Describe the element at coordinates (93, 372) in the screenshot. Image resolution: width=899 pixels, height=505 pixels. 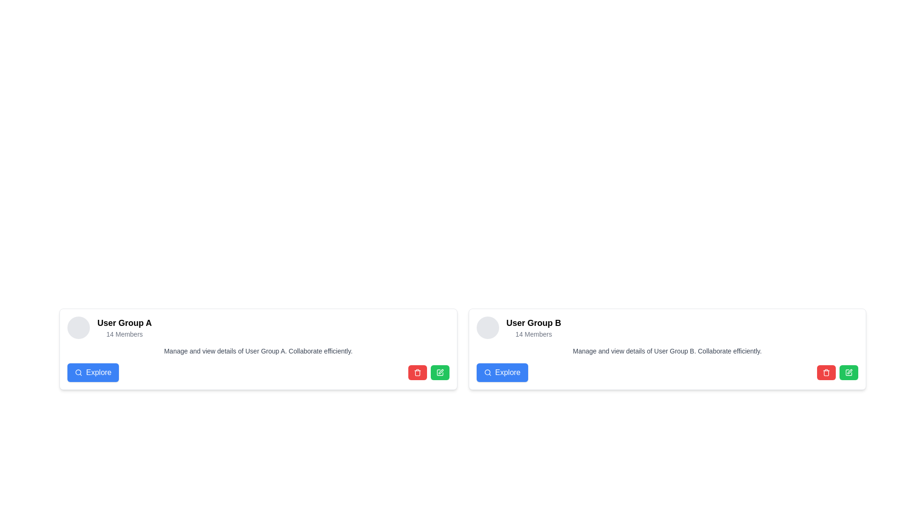
I see `the button located in the lower left area of the card representing 'User Group A'` at that location.